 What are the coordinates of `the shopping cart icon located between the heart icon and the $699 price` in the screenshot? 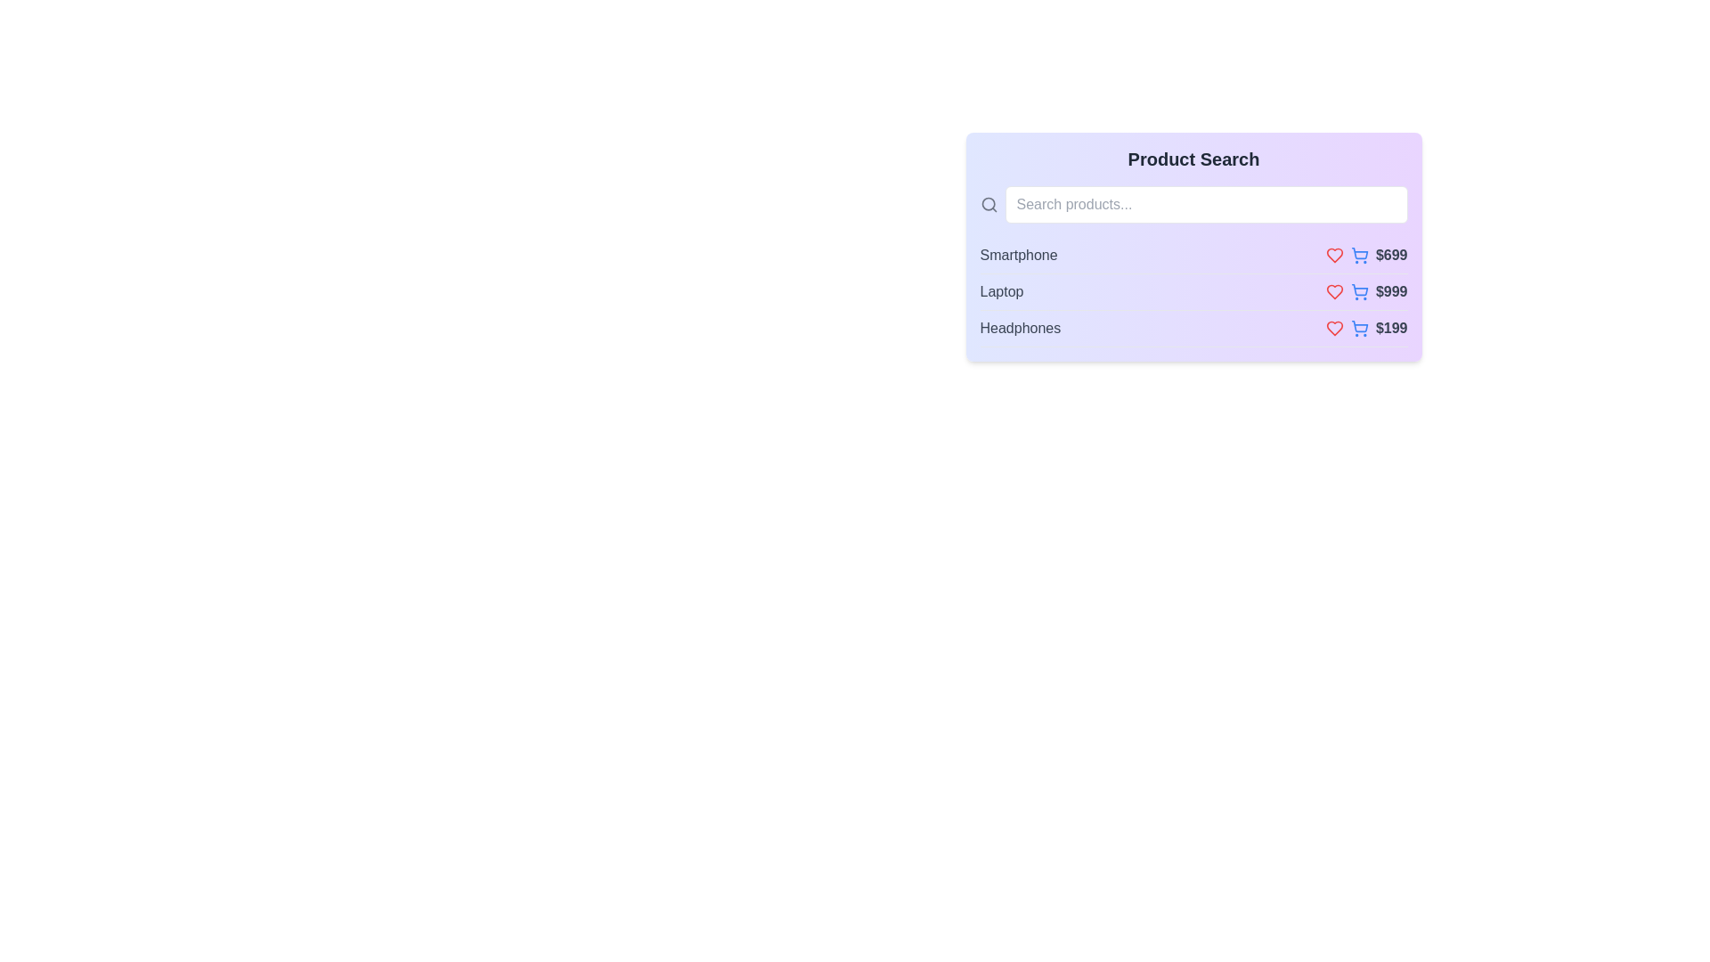 It's located at (1358, 255).